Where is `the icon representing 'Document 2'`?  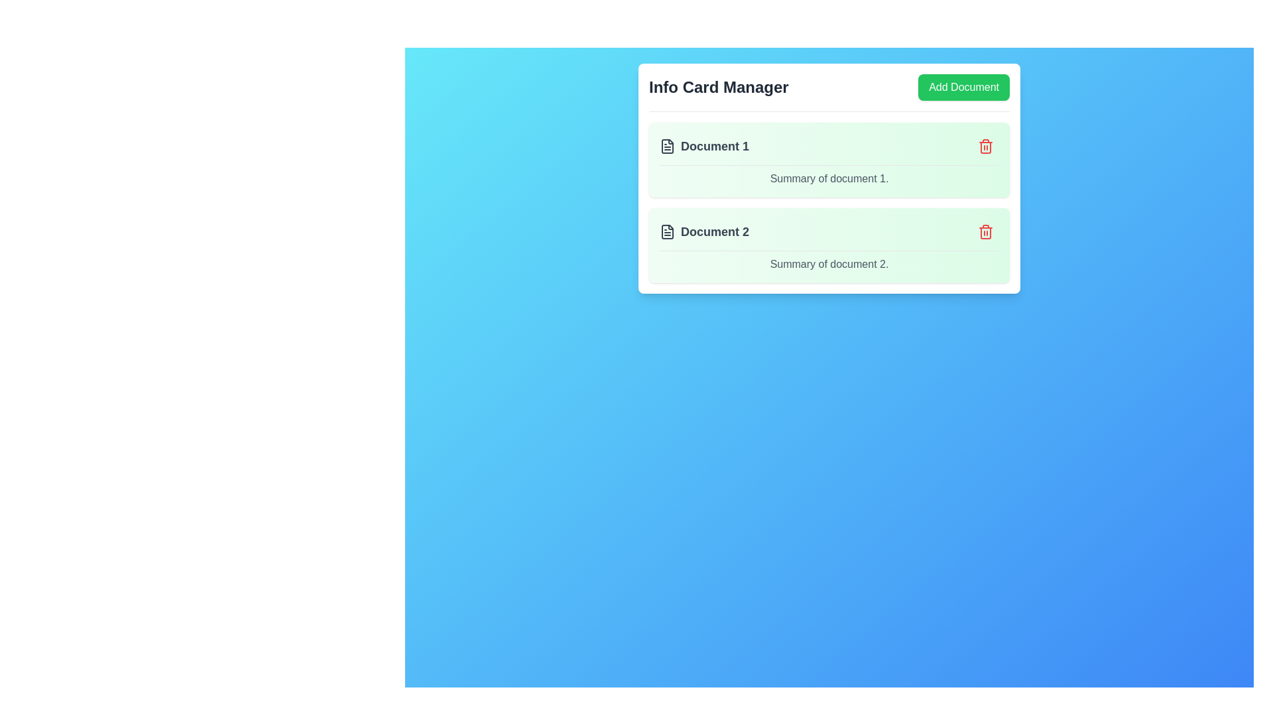
the icon representing 'Document 2' is located at coordinates (668, 231).